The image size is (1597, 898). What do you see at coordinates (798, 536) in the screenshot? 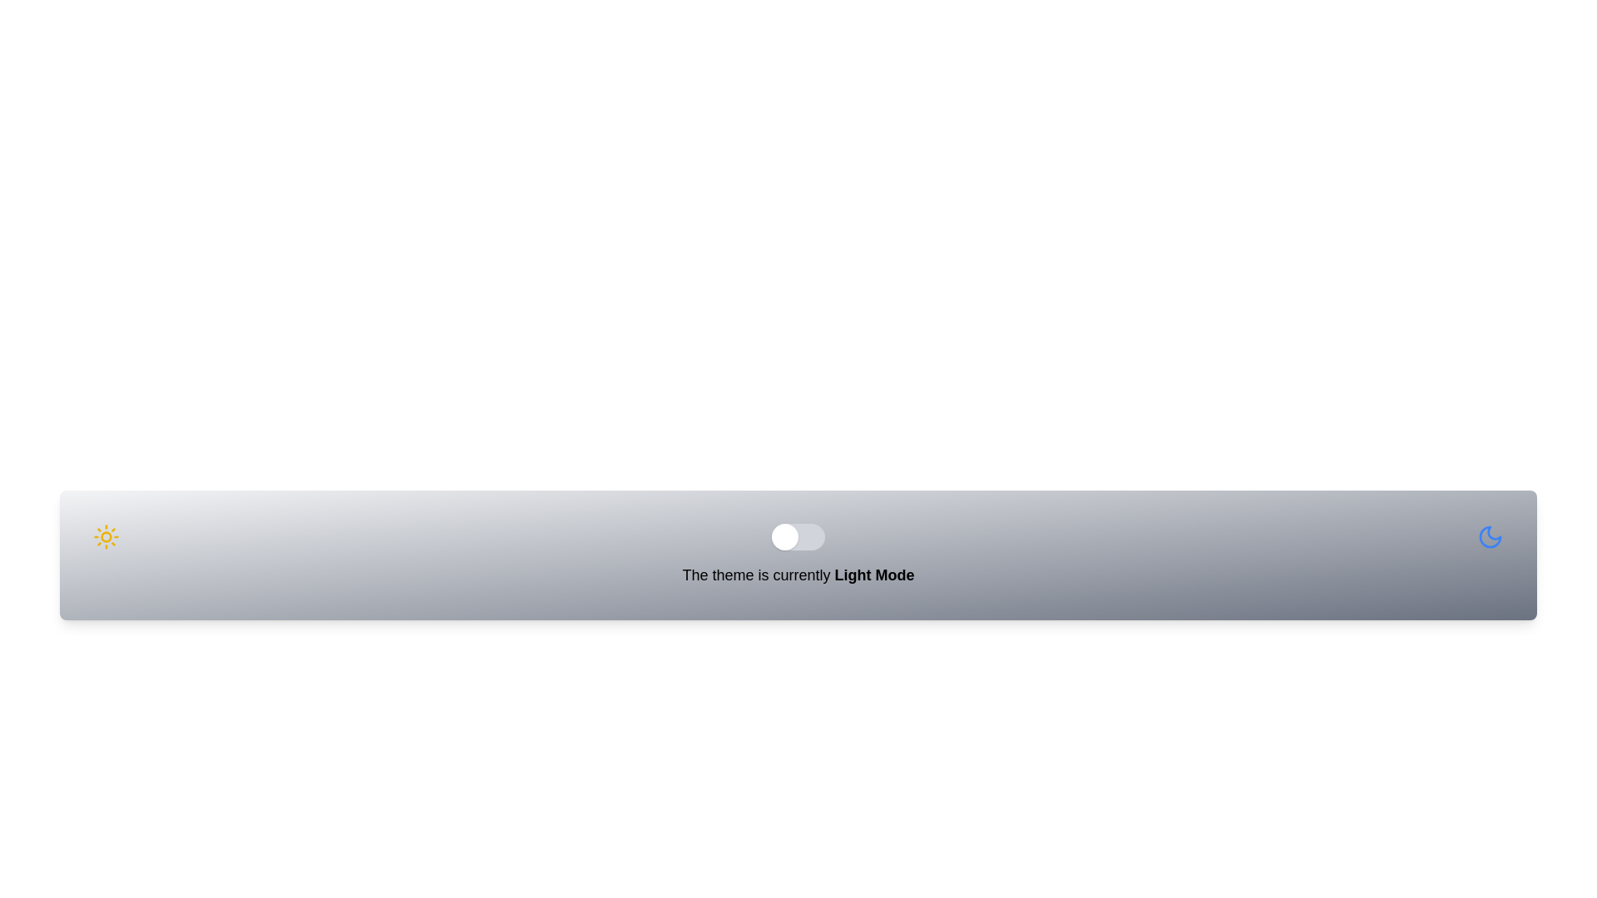
I see `the center of the theme switcher control to toggle the theme` at bounding box center [798, 536].